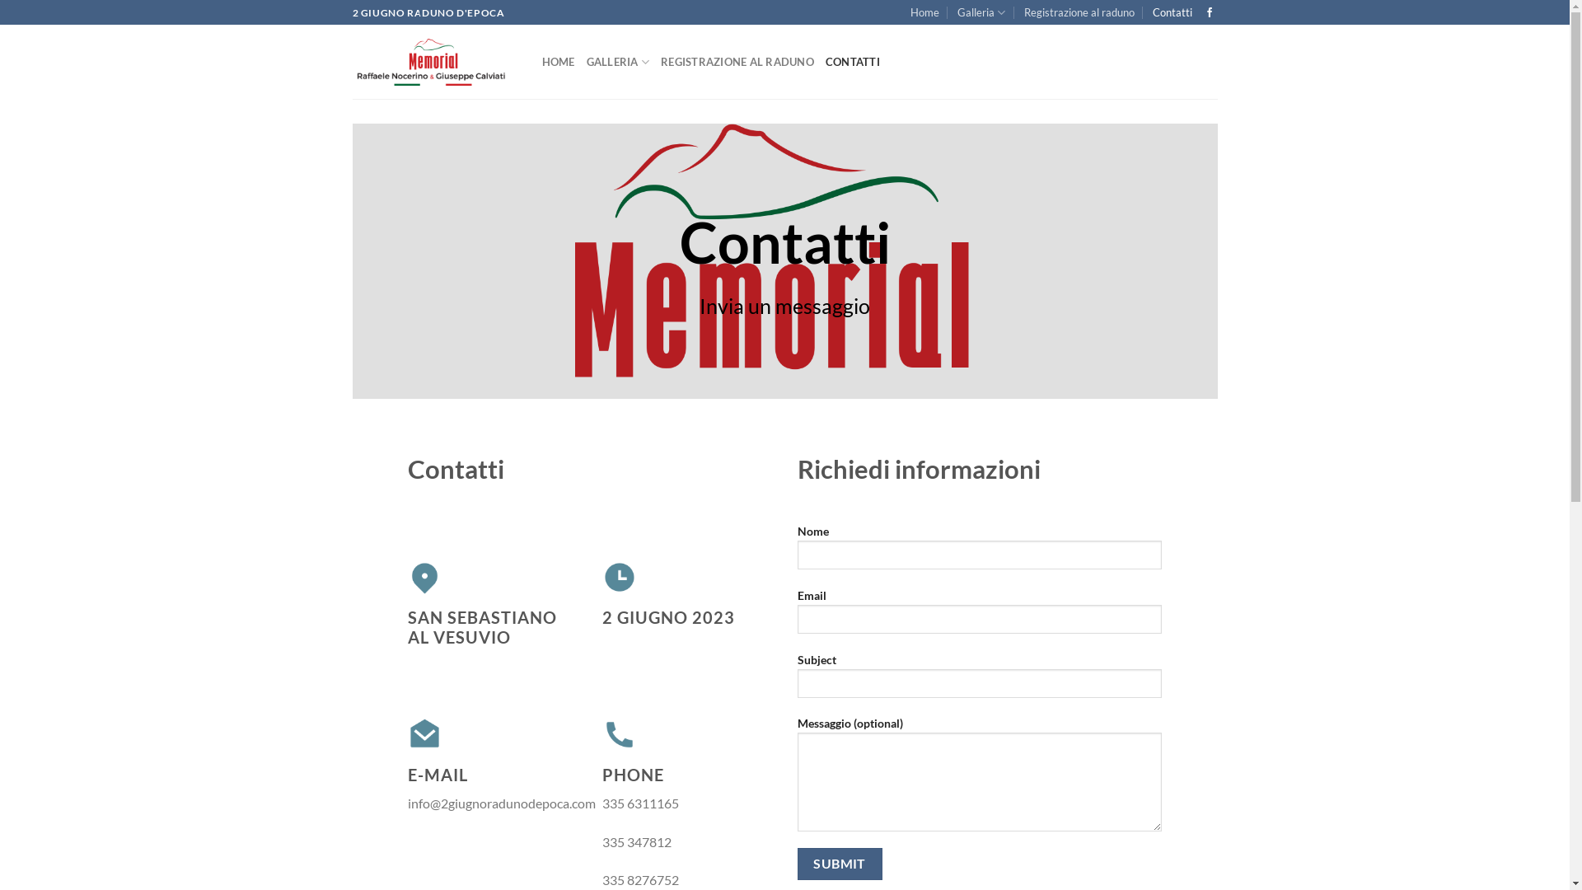 This screenshot has width=1582, height=890. Describe the element at coordinates (840, 863) in the screenshot. I see `'Submit'` at that location.